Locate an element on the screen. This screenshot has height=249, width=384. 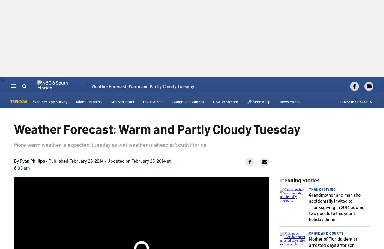
'Caught on Camera' is located at coordinates (188, 102).